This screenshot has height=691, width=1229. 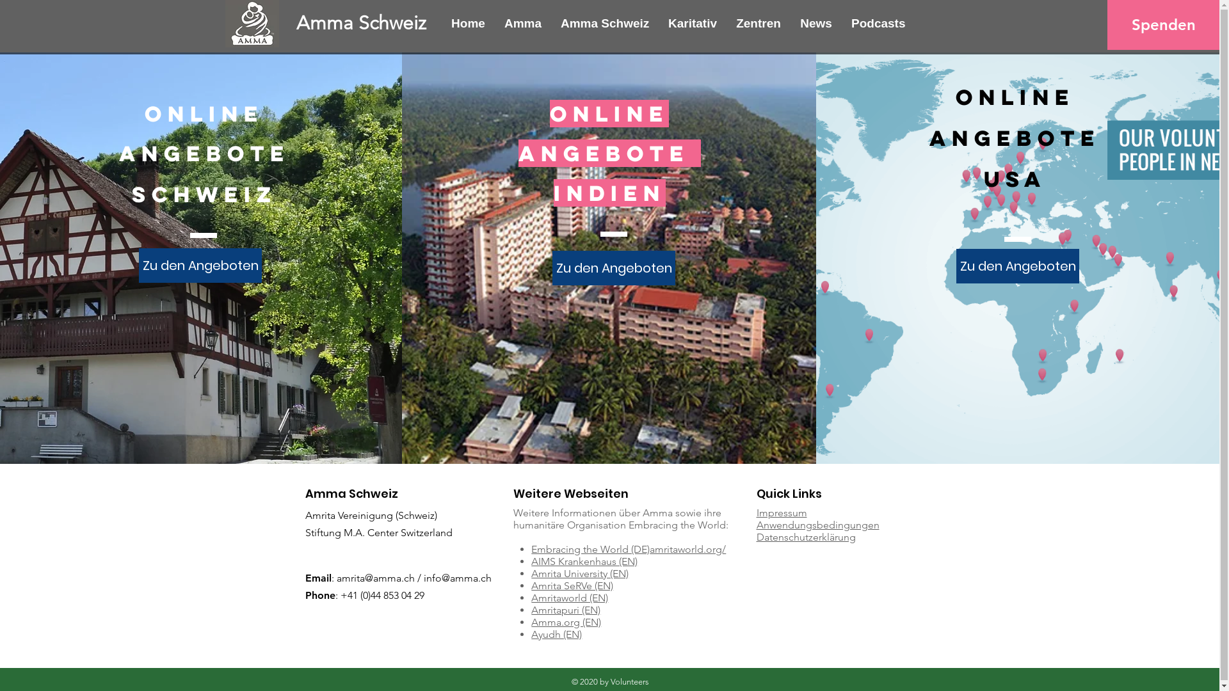 What do you see at coordinates (571, 585) in the screenshot?
I see `'Amrita SeRVe (EN)'` at bounding box center [571, 585].